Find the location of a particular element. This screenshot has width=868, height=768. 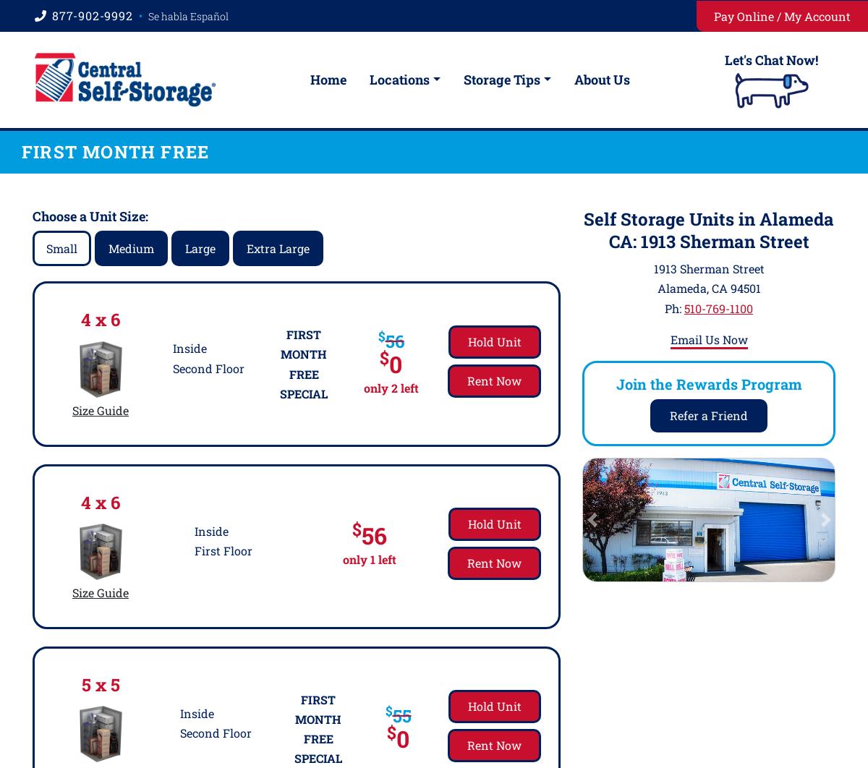

'Medium' is located at coordinates (130, 247).